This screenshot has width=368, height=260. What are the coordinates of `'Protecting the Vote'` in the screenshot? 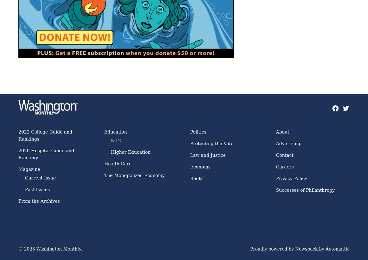 It's located at (190, 143).